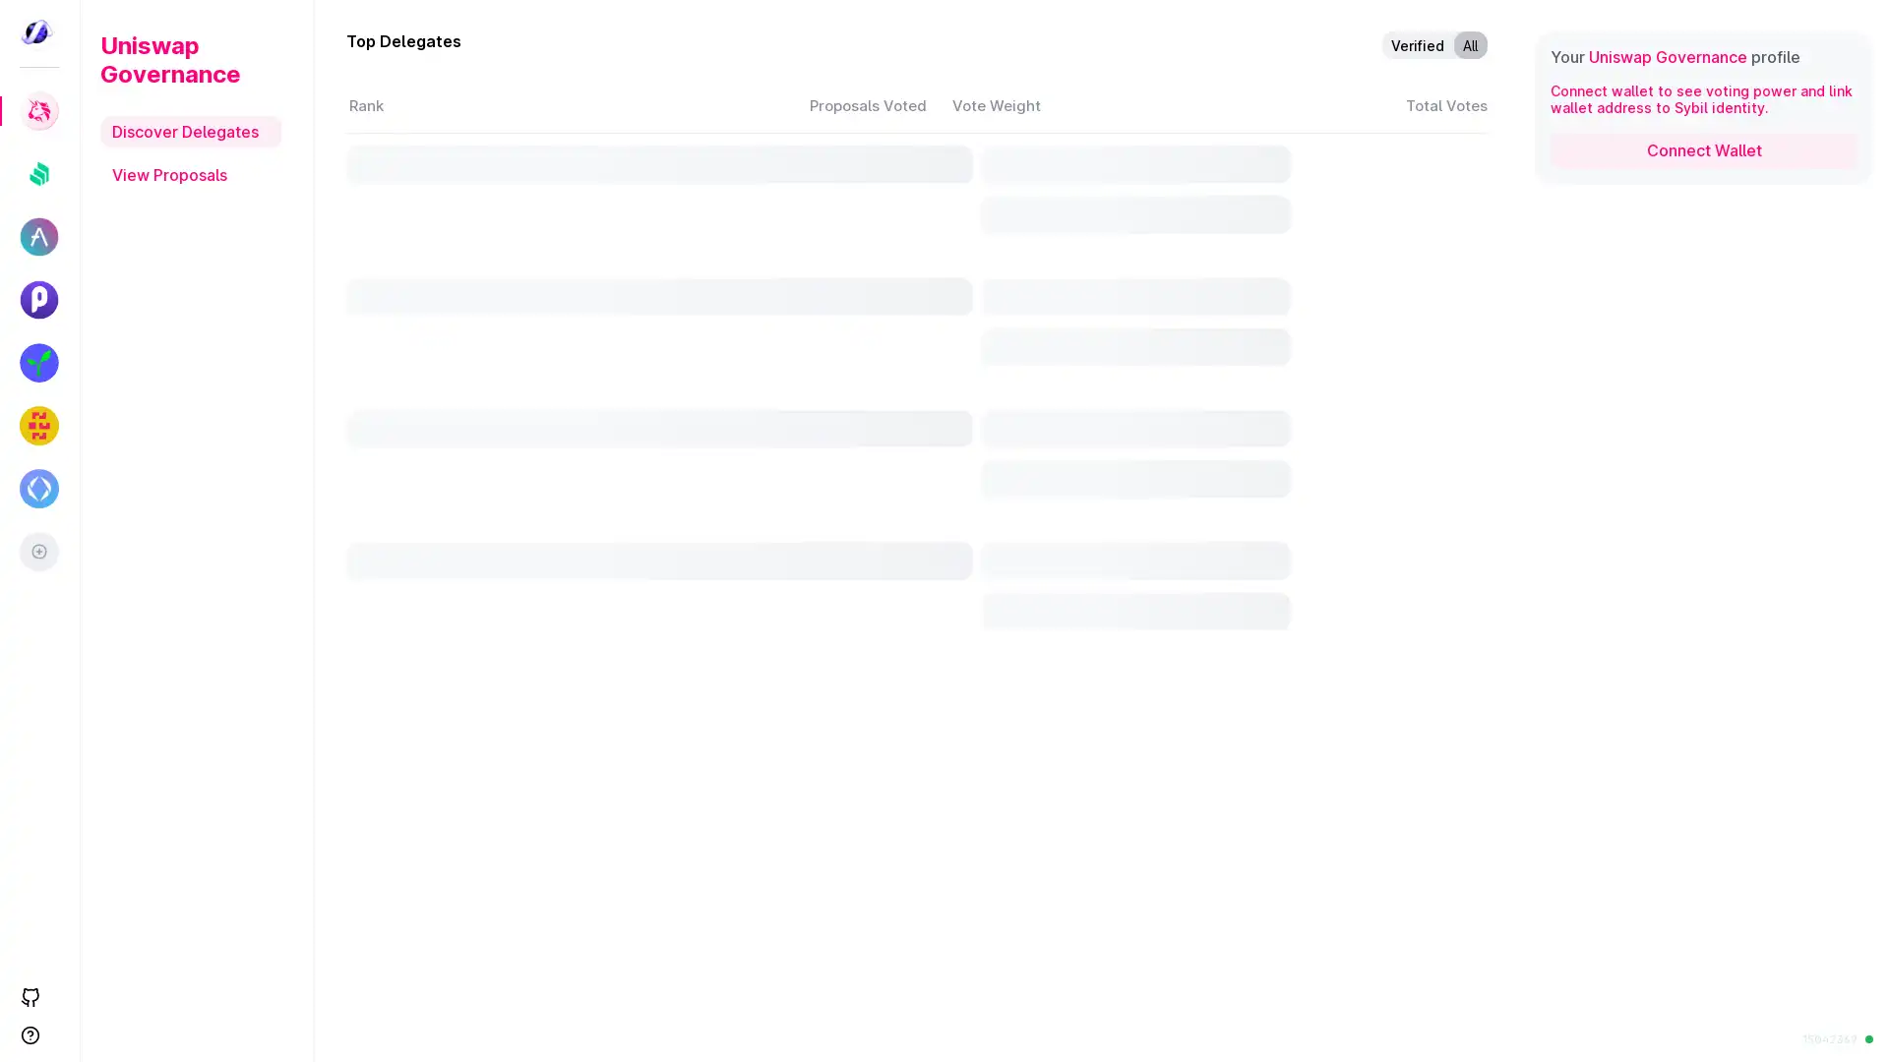 The image size is (1889, 1062). I want to click on Verified All, so click(1434, 44).